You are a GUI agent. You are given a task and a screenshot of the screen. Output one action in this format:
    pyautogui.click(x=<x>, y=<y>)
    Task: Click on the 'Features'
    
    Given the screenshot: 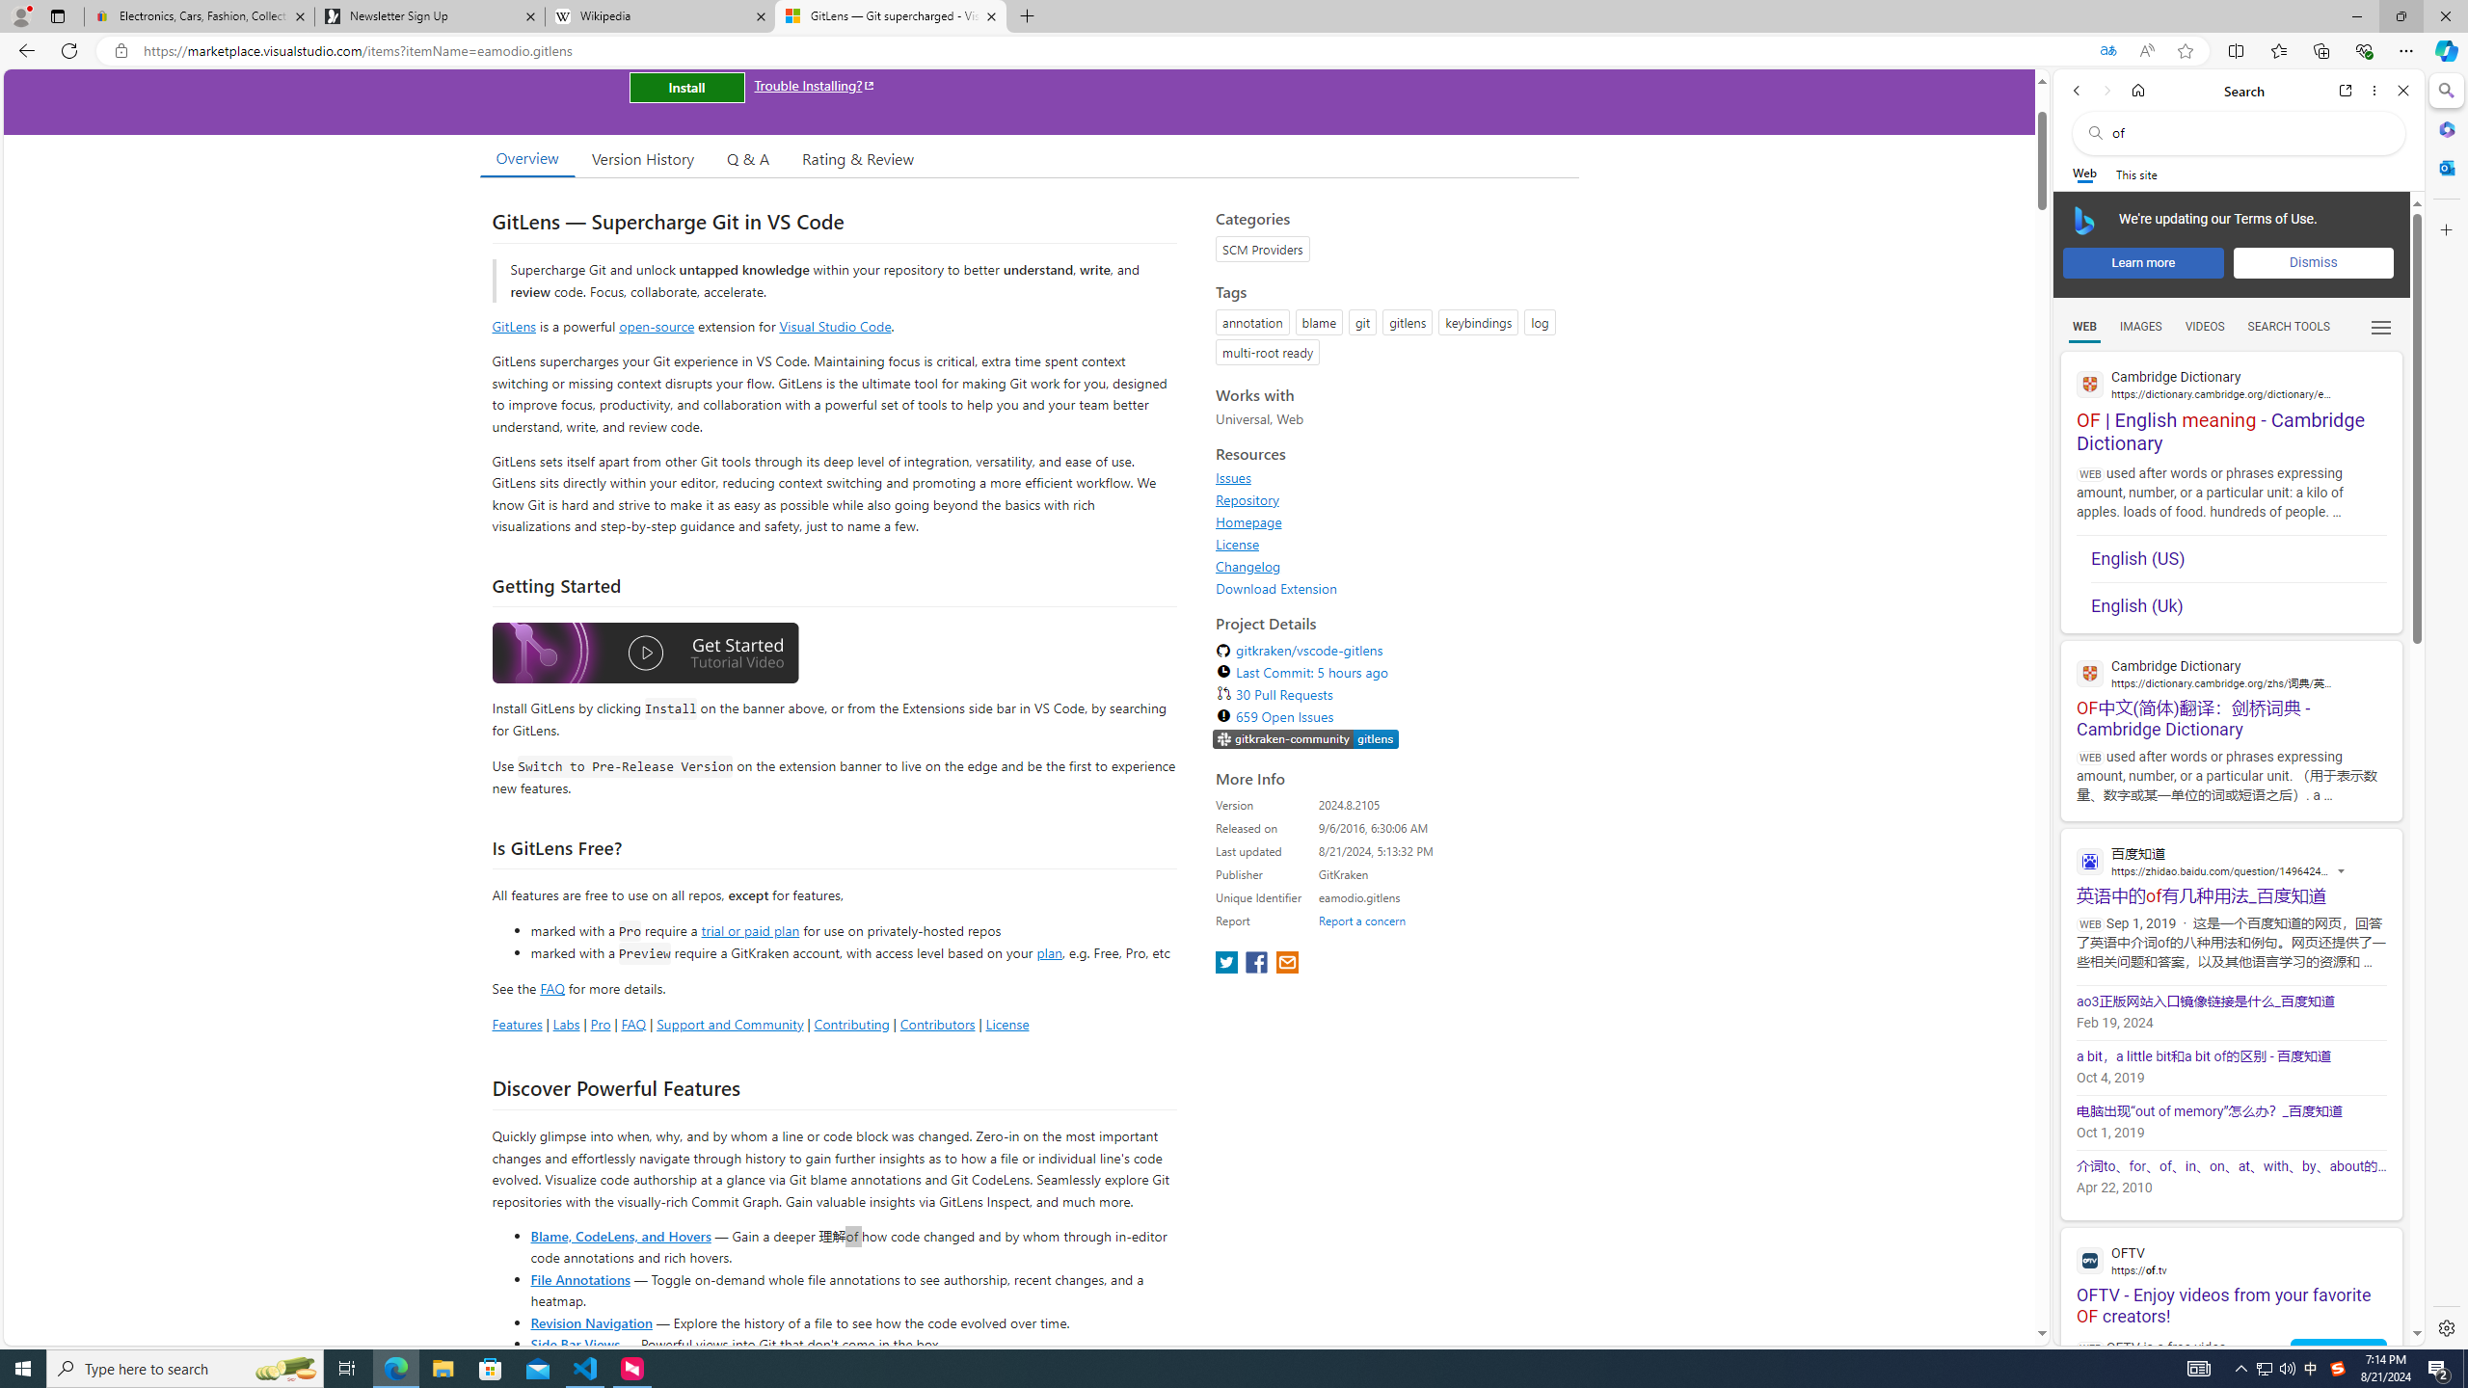 What is the action you would take?
    pyautogui.click(x=516, y=1023)
    